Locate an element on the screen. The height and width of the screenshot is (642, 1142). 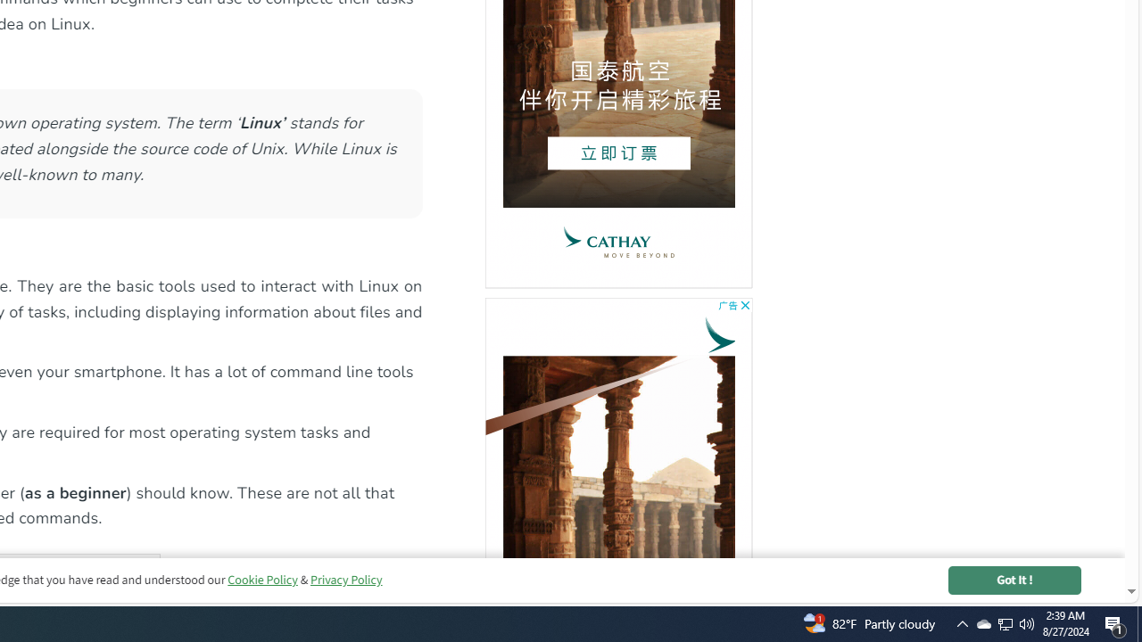
'Cookie Policy' is located at coordinates (261, 580).